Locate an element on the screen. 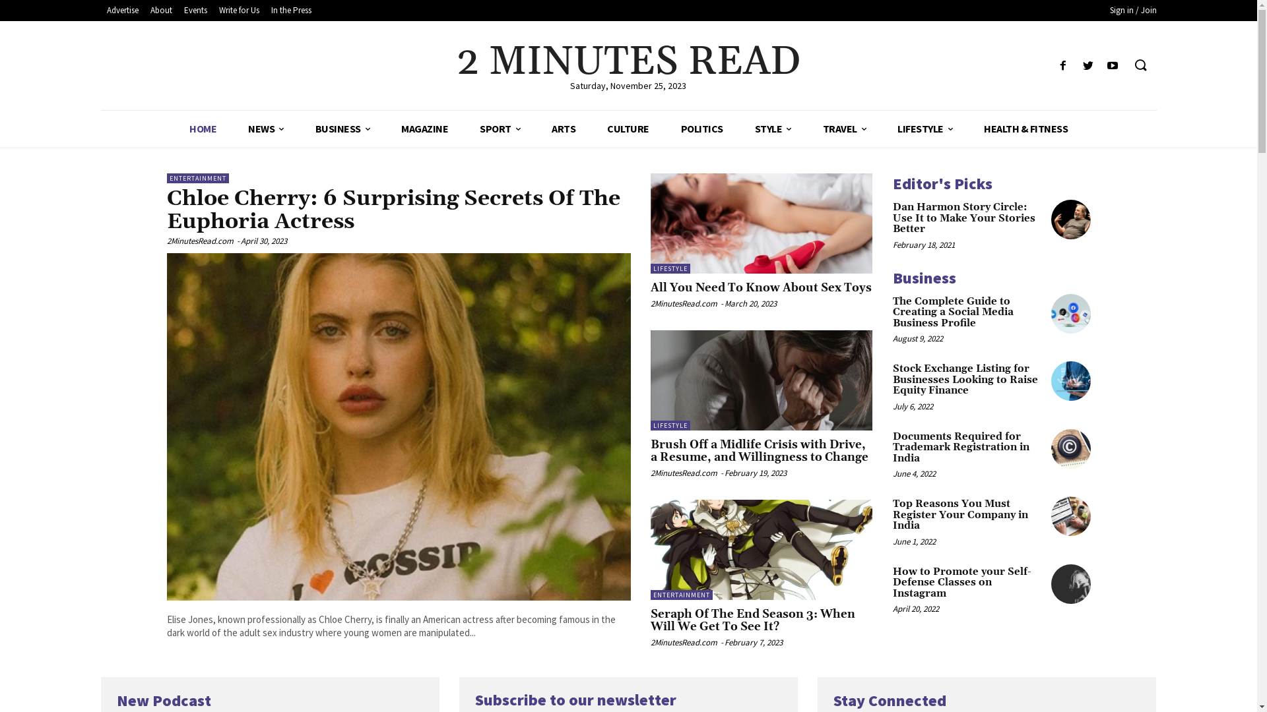 This screenshot has width=1267, height=712. 'Events' is located at coordinates (195, 10).